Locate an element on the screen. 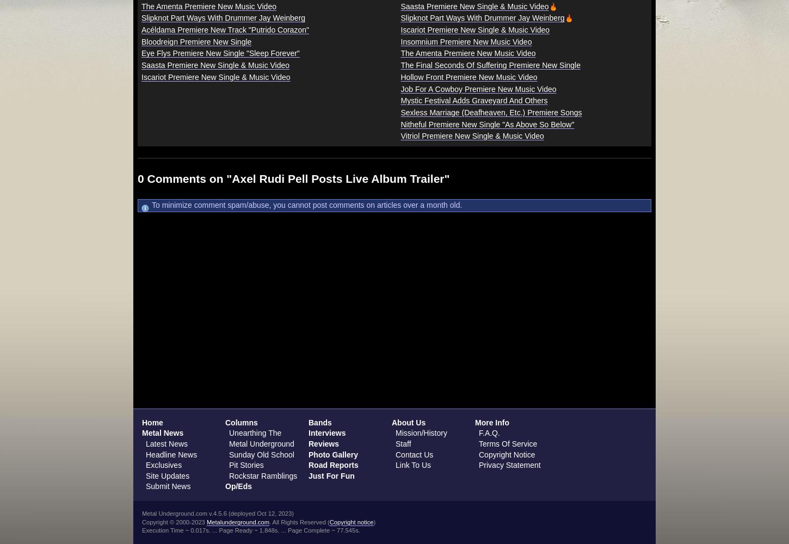  'Eye Flys Premiere New Single "Sleep Forever"' is located at coordinates (141, 53).